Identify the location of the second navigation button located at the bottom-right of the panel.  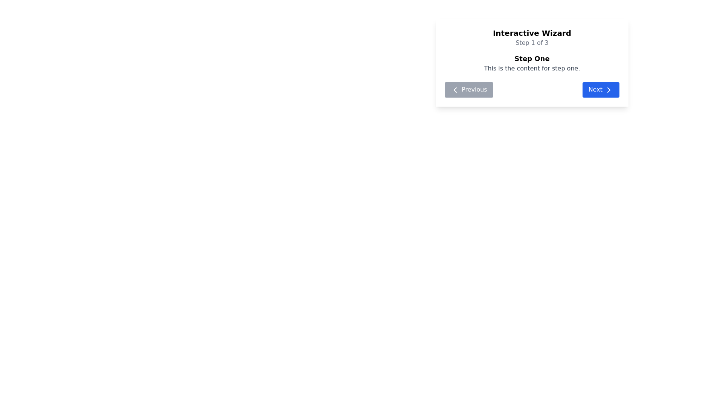
(600, 89).